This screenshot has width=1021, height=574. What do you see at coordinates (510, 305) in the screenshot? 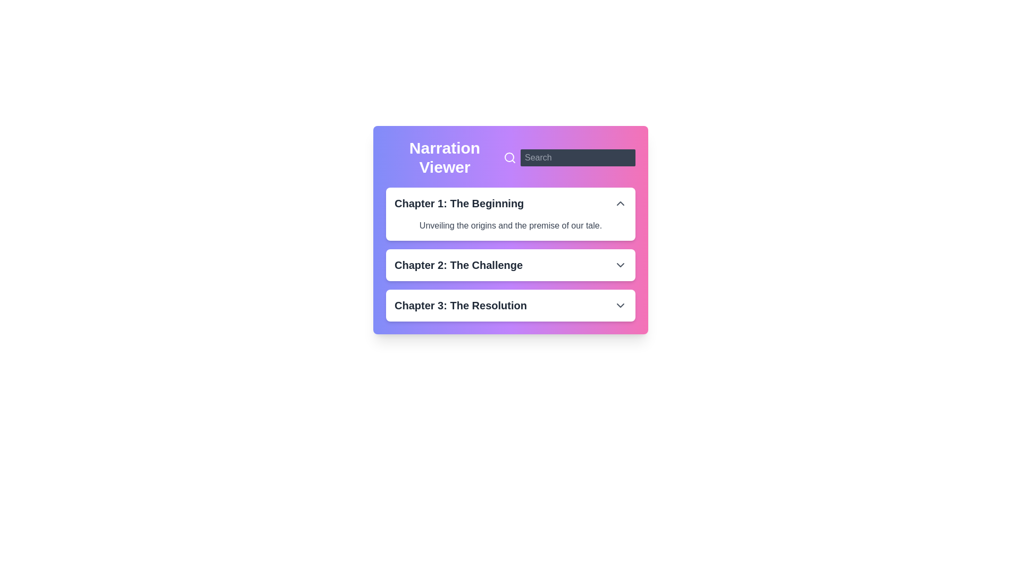
I see `the Collapsible List Item labeled 'Chapter 3: The Resolution'` at bounding box center [510, 305].